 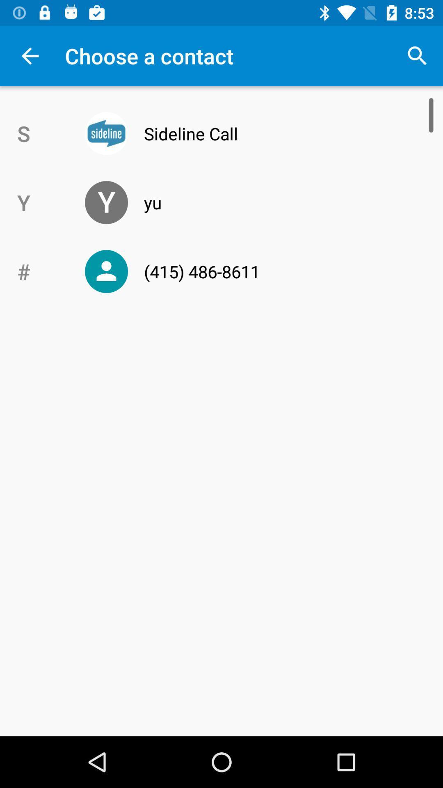 I want to click on the app to the right of choose a contact item, so click(x=417, y=55).